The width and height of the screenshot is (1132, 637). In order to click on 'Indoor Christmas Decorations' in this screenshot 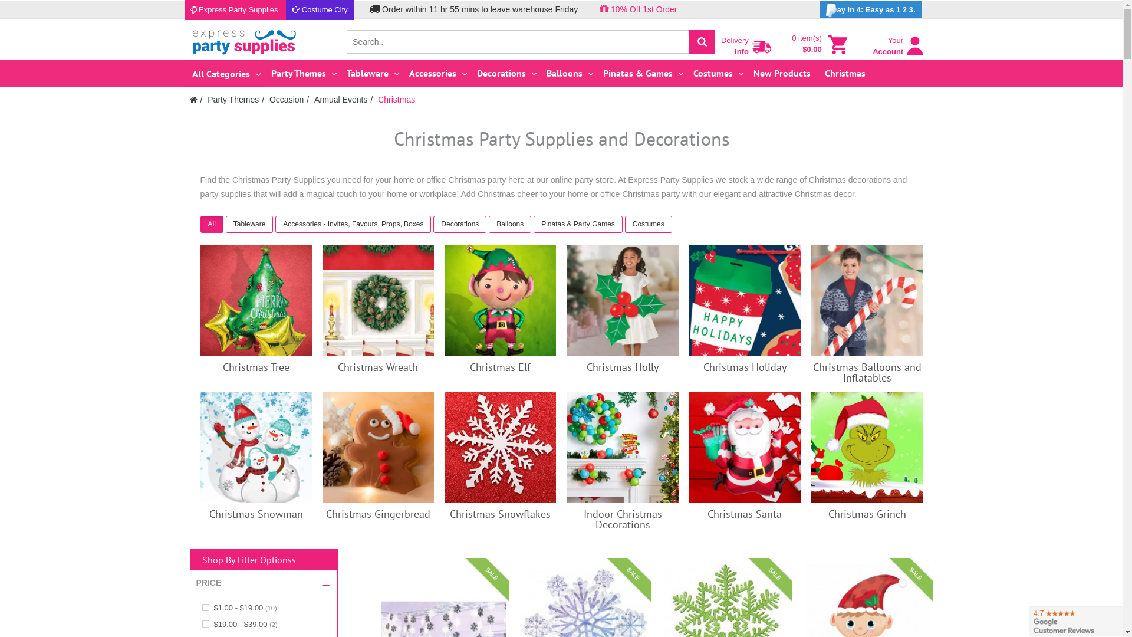, I will do `click(621, 447)`.